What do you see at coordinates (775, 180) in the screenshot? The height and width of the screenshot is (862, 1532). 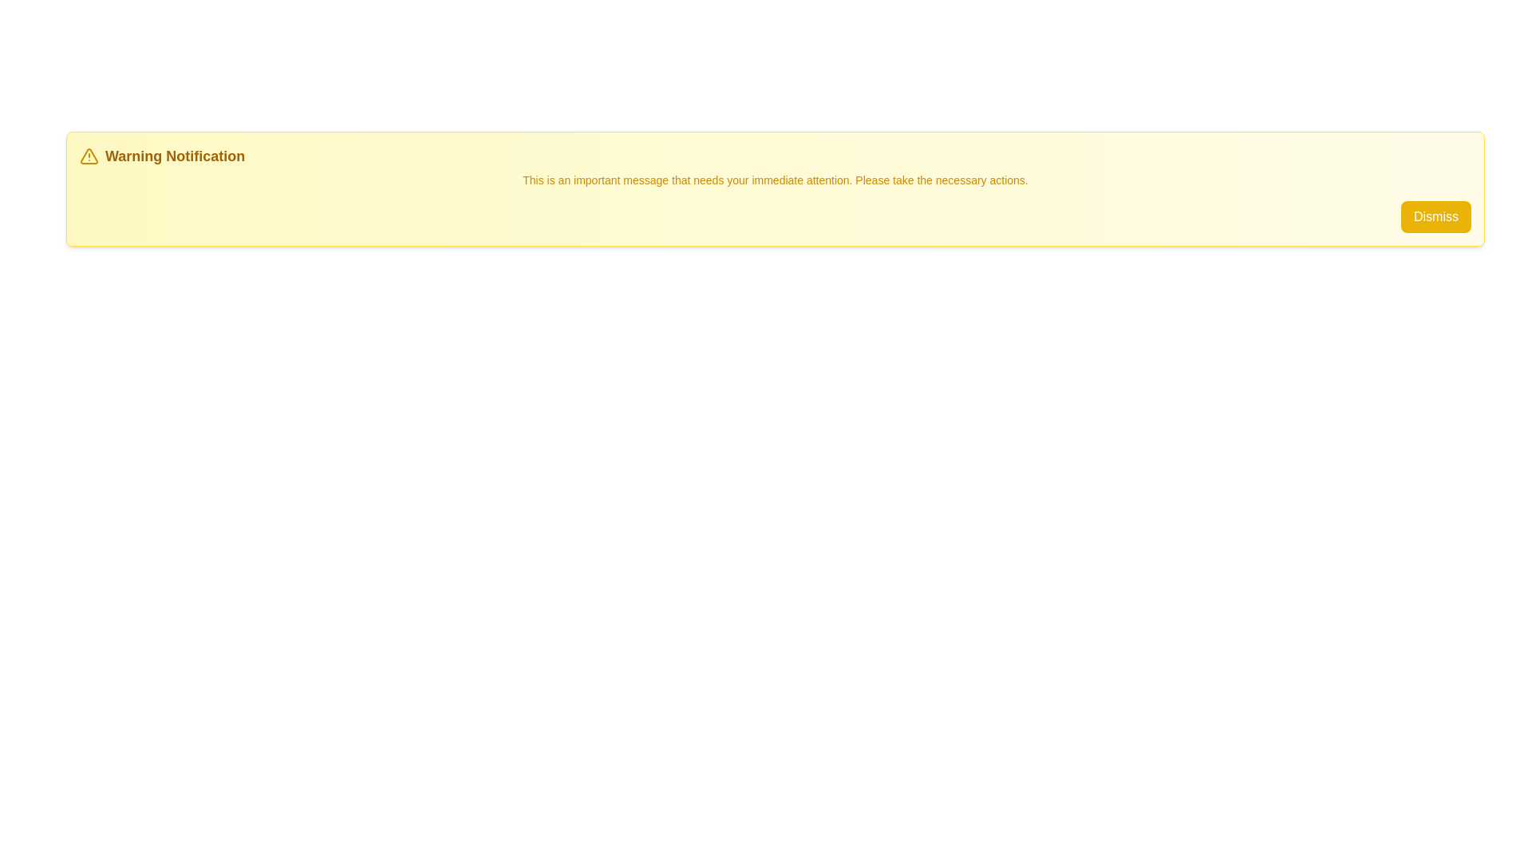 I see `the textual warning message in the warning notification panel, which is styled with a smaller yellow text and emphasizes immediate user action` at bounding box center [775, 180].